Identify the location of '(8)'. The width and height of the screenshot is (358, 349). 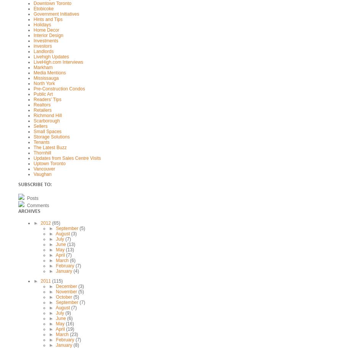
(76, 344).